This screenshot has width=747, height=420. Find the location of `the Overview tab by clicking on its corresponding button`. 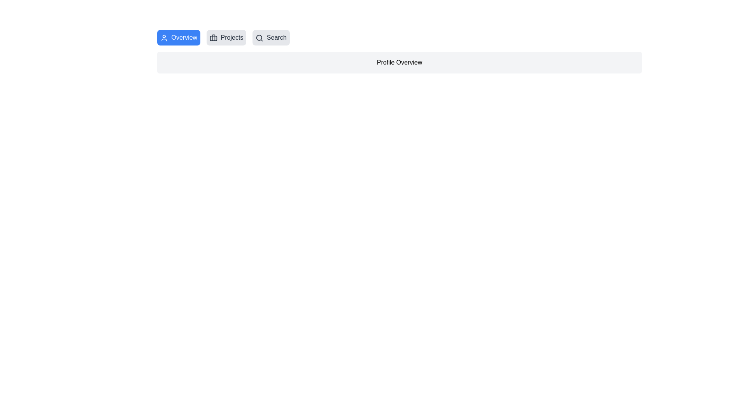

the Overview tab by clicking on its corresponding button is located at coordinates (178, 37).